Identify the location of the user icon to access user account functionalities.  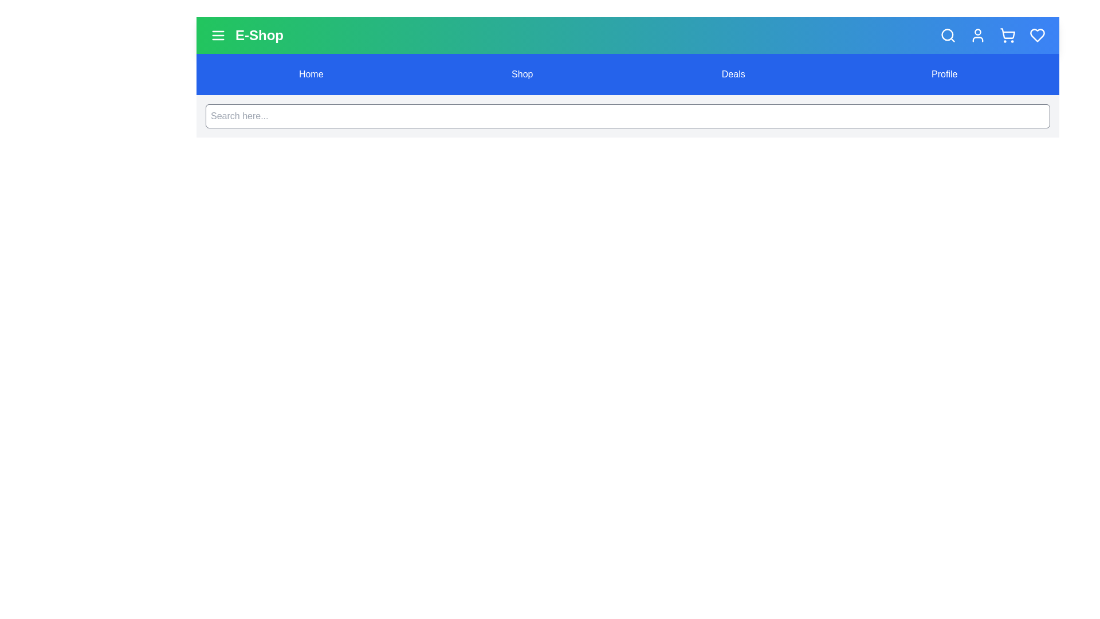
(977, 34).